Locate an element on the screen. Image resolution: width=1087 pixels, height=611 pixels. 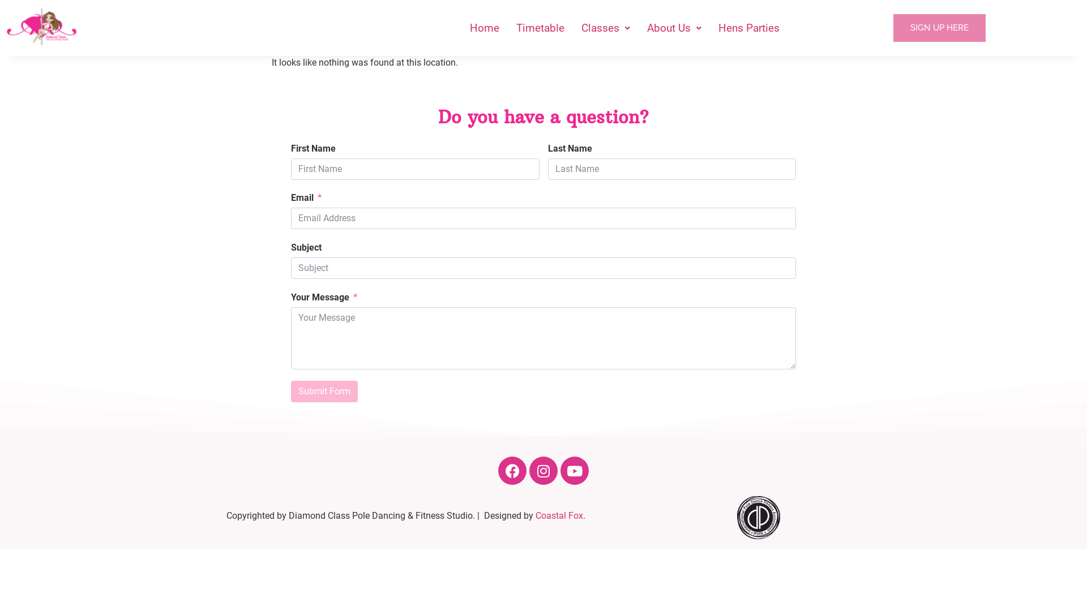
'SIGN UP HERE' is located at coordinates (939, 27).